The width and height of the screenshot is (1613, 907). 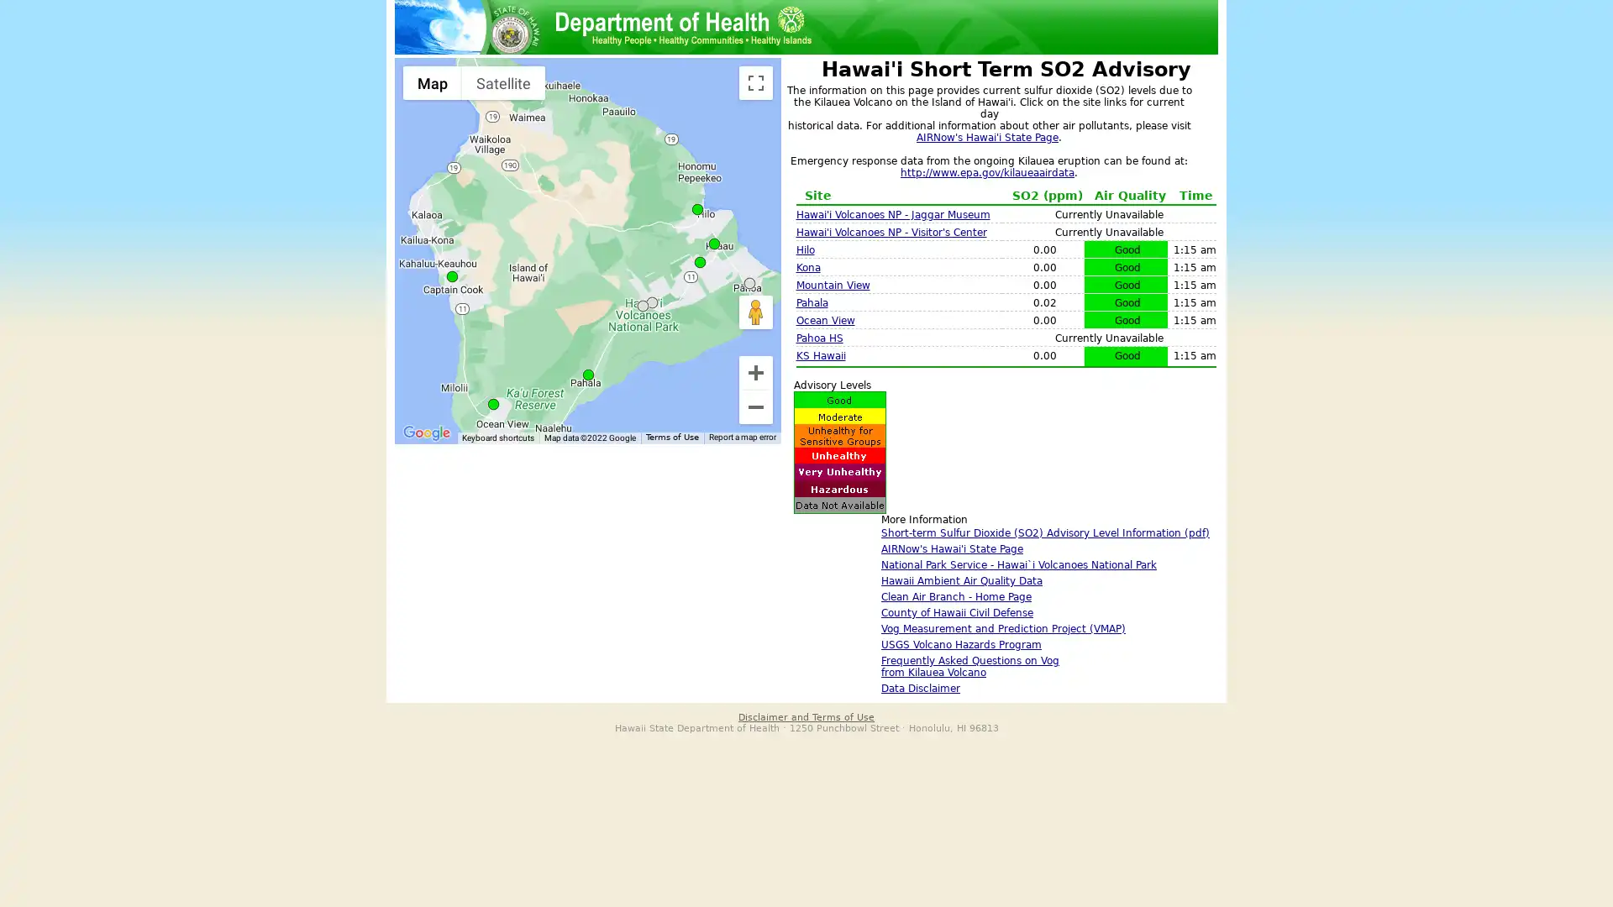 What do you see at coordinates (700, 262) in the screenshot?
I see `Mountain View: SO2 0.00 ppm (Good) on 06/28 at 01:15 am` at bounding box center [700, 262].